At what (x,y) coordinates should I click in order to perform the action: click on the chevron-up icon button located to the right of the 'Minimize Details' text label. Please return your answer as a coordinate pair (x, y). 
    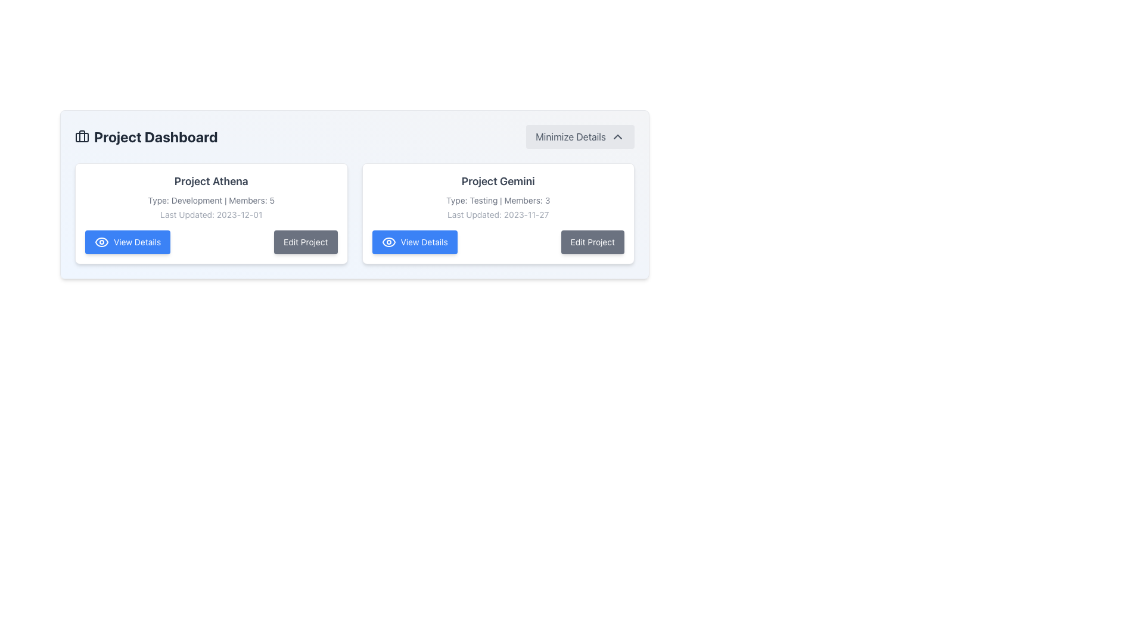
    Looking at the image, I should click on (617, 136).